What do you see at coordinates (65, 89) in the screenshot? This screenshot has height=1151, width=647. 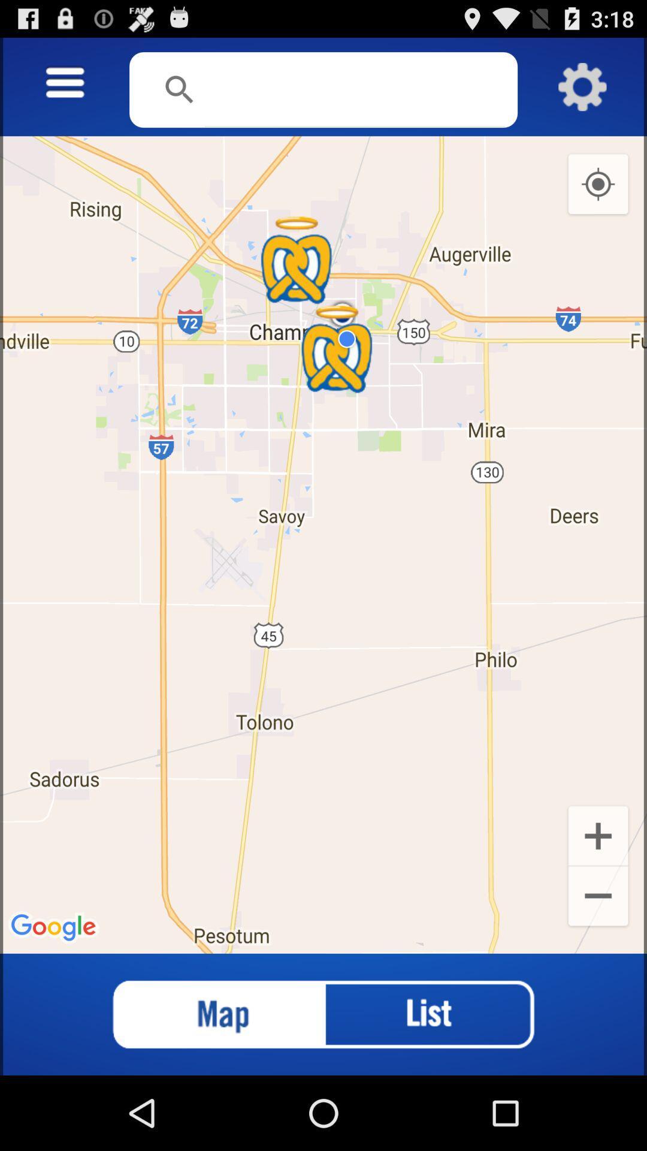 I see `the menu icon` at bounding box center [65, 89].